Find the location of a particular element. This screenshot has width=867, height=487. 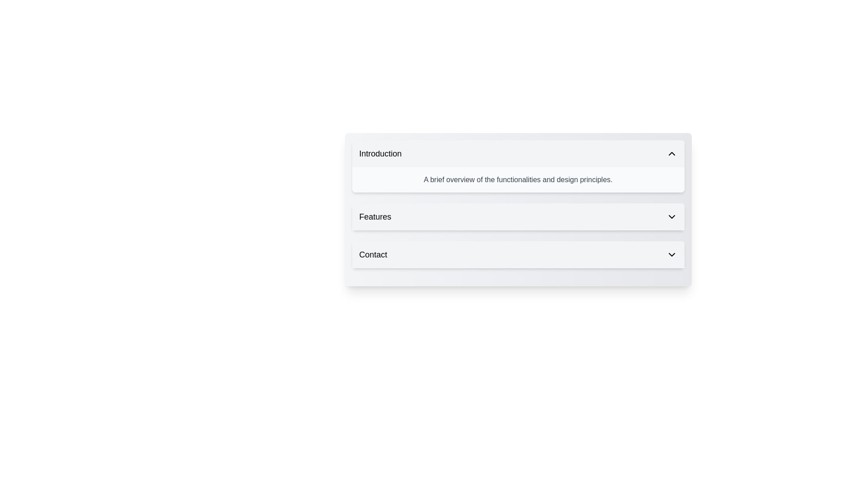

the chevron-shaped icon pointing upwards located at the far-right end of the 'Introduction' section is located at coordinates (671, 153).